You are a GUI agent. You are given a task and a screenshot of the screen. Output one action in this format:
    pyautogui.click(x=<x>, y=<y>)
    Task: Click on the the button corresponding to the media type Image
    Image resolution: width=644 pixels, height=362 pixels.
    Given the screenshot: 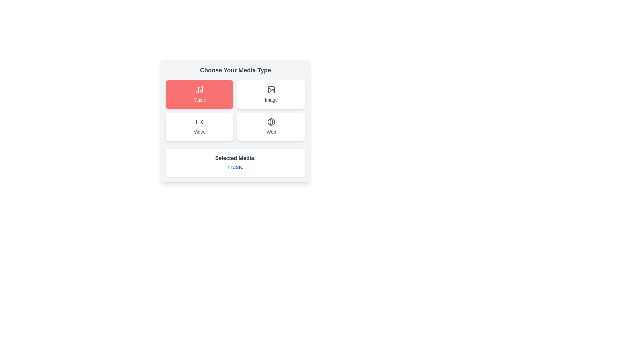 What is the action you would take?
    pyautogui.click(x=271, y=94)
    